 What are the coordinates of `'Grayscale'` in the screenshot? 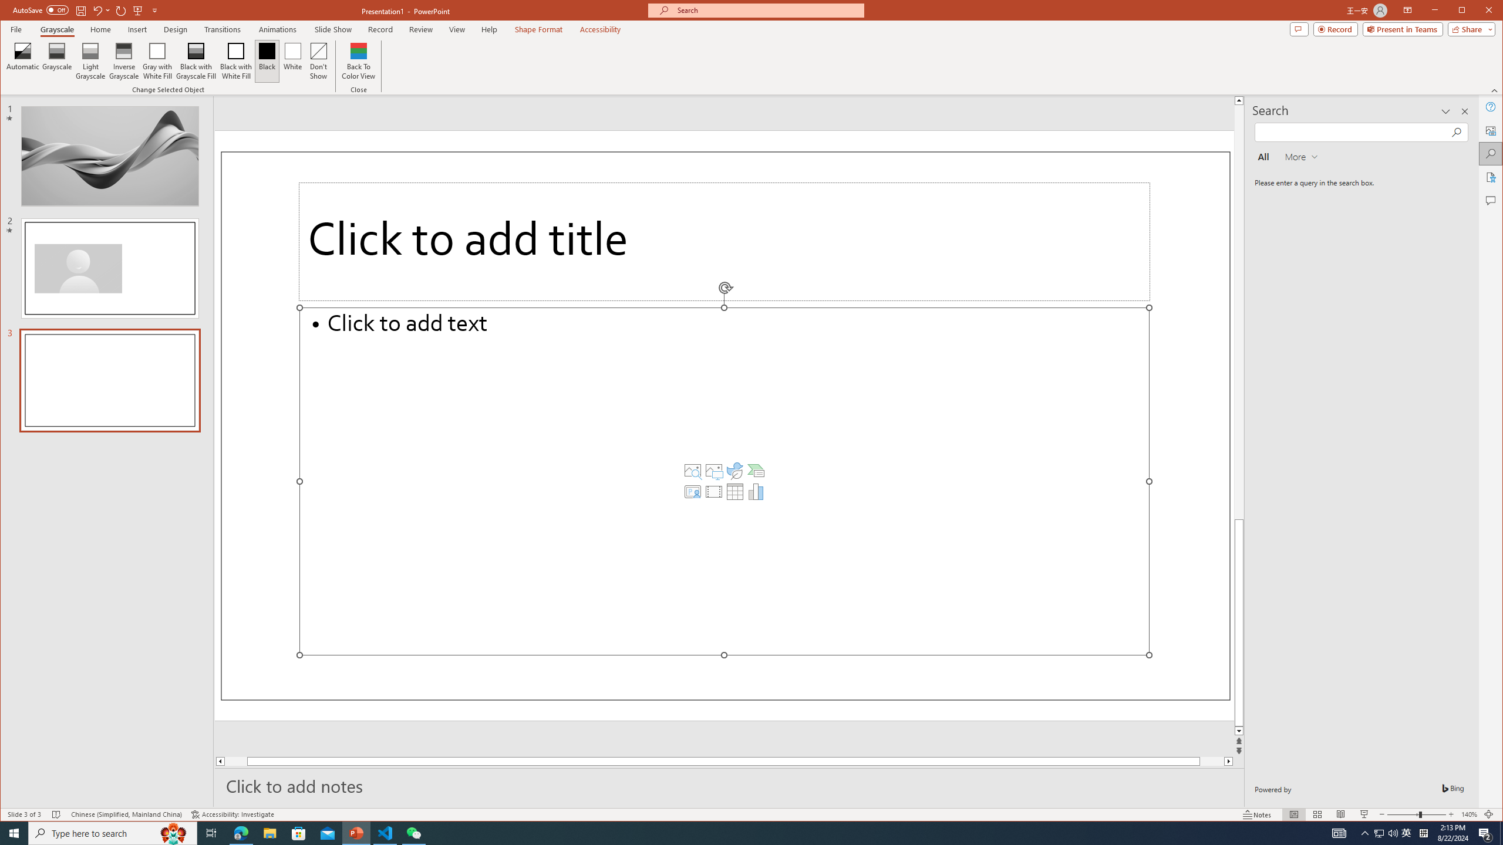 It's located at (57, 60).